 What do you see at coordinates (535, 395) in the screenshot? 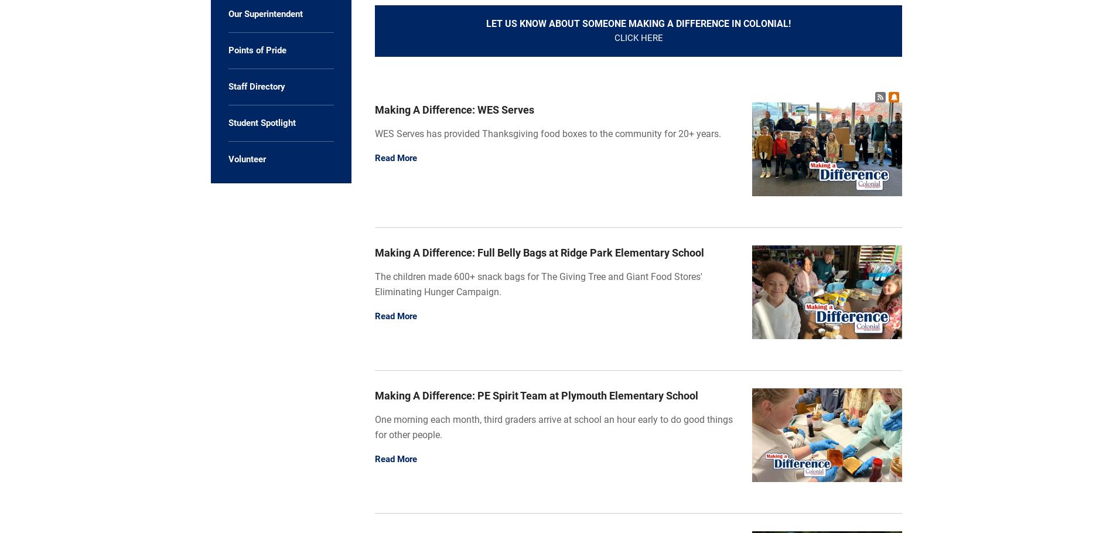
I see `'Making A Difference: PE Spirit Team at Plymouth Elementary School'` at bounding box center [535, 395].